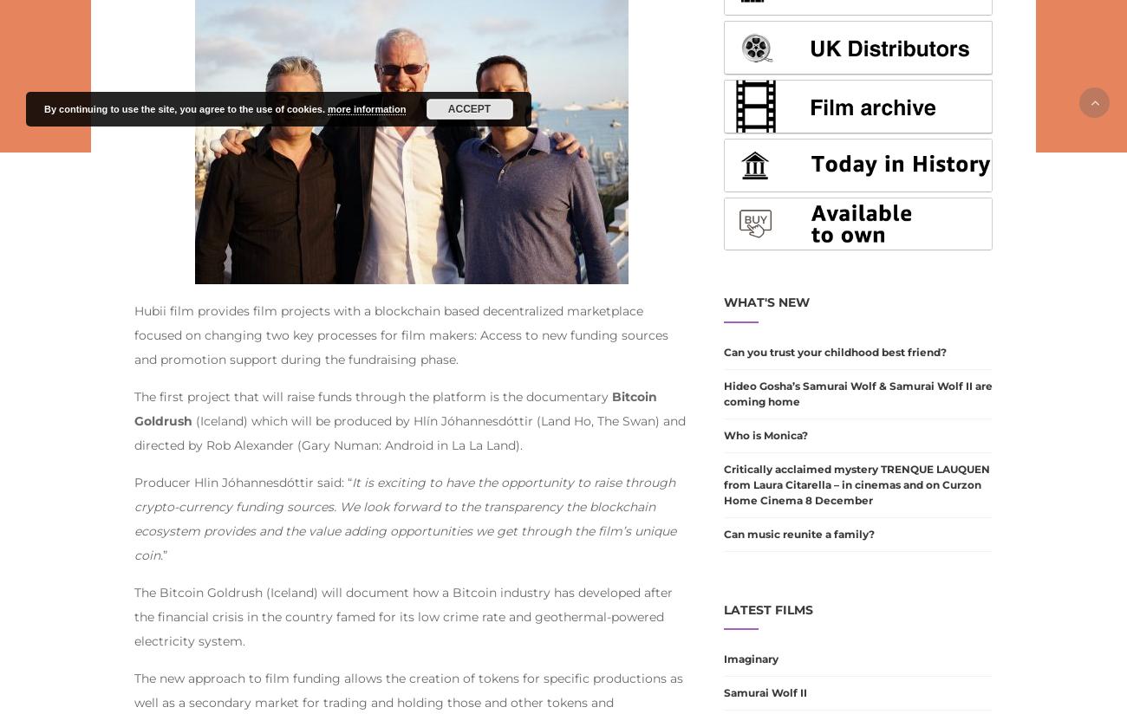 Image resolution: width=1127 pixels, height=714 pixels. What do you see at coordinates (765, 301) in the screenshot?
I see `'What's New'` at bounding box center [765, 301].